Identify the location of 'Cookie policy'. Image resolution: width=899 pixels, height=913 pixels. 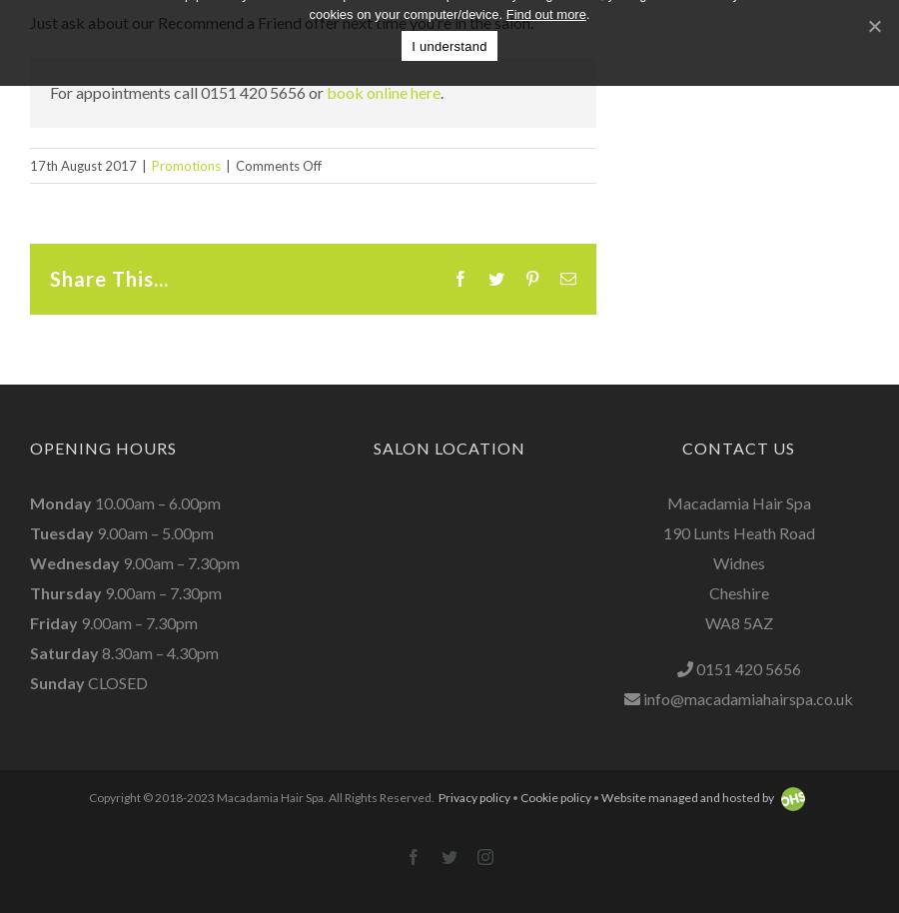
(553, 796).